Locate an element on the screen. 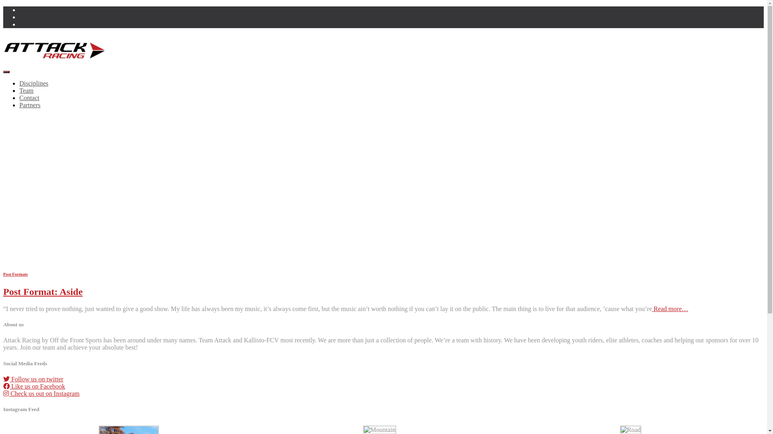 Image resolution: width=773 pixels, height=434 pixels. 'Contact' is located at coordinates (29, 97).